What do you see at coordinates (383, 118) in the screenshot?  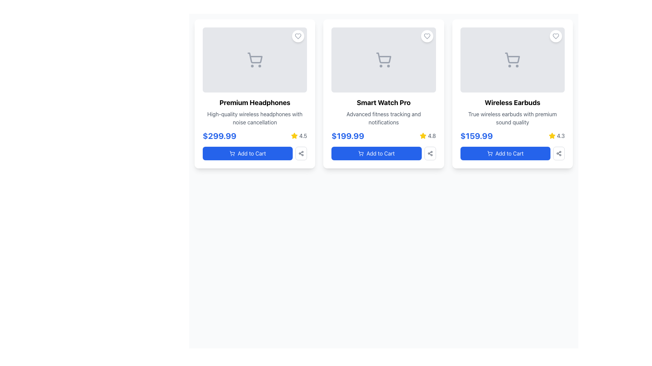 I see `the descriptive text located in the middle product card below the title 'Smart Watch Pro' and above the price section` at bounding box center [383, 118].